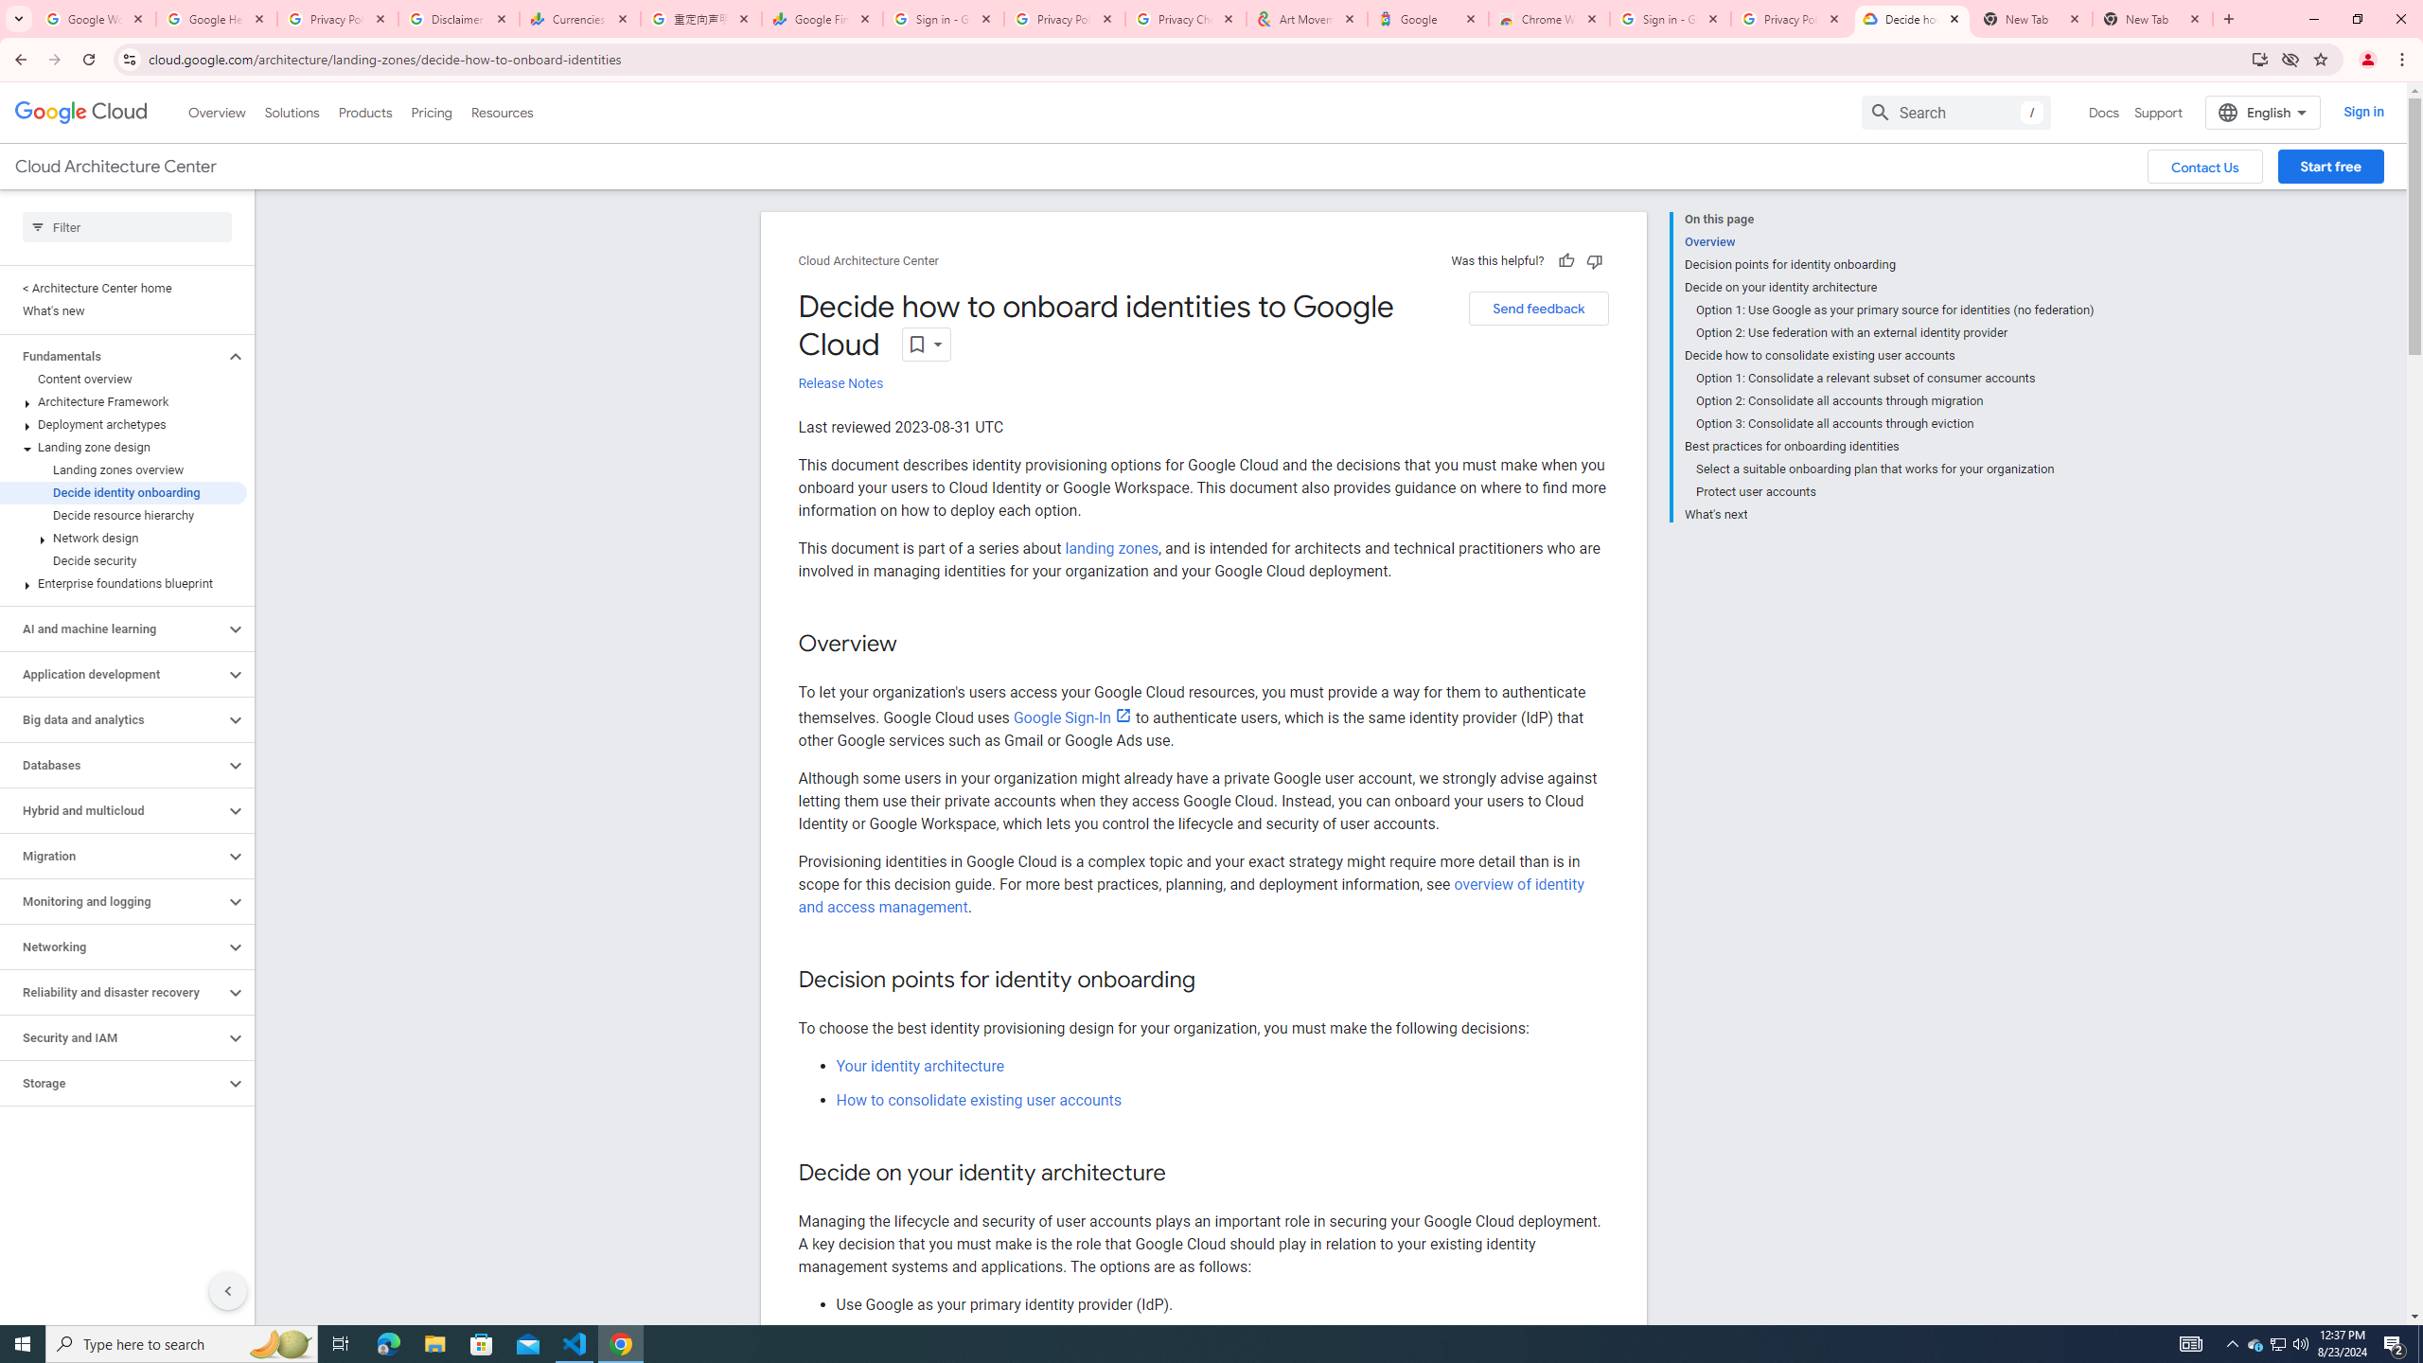 The height and width of the screenshot is (1363, 2423). What do you see at coordinates (123, 287) in the screenshot?
I see `'< Architecture Center home'` at bounding box center [123, 287].